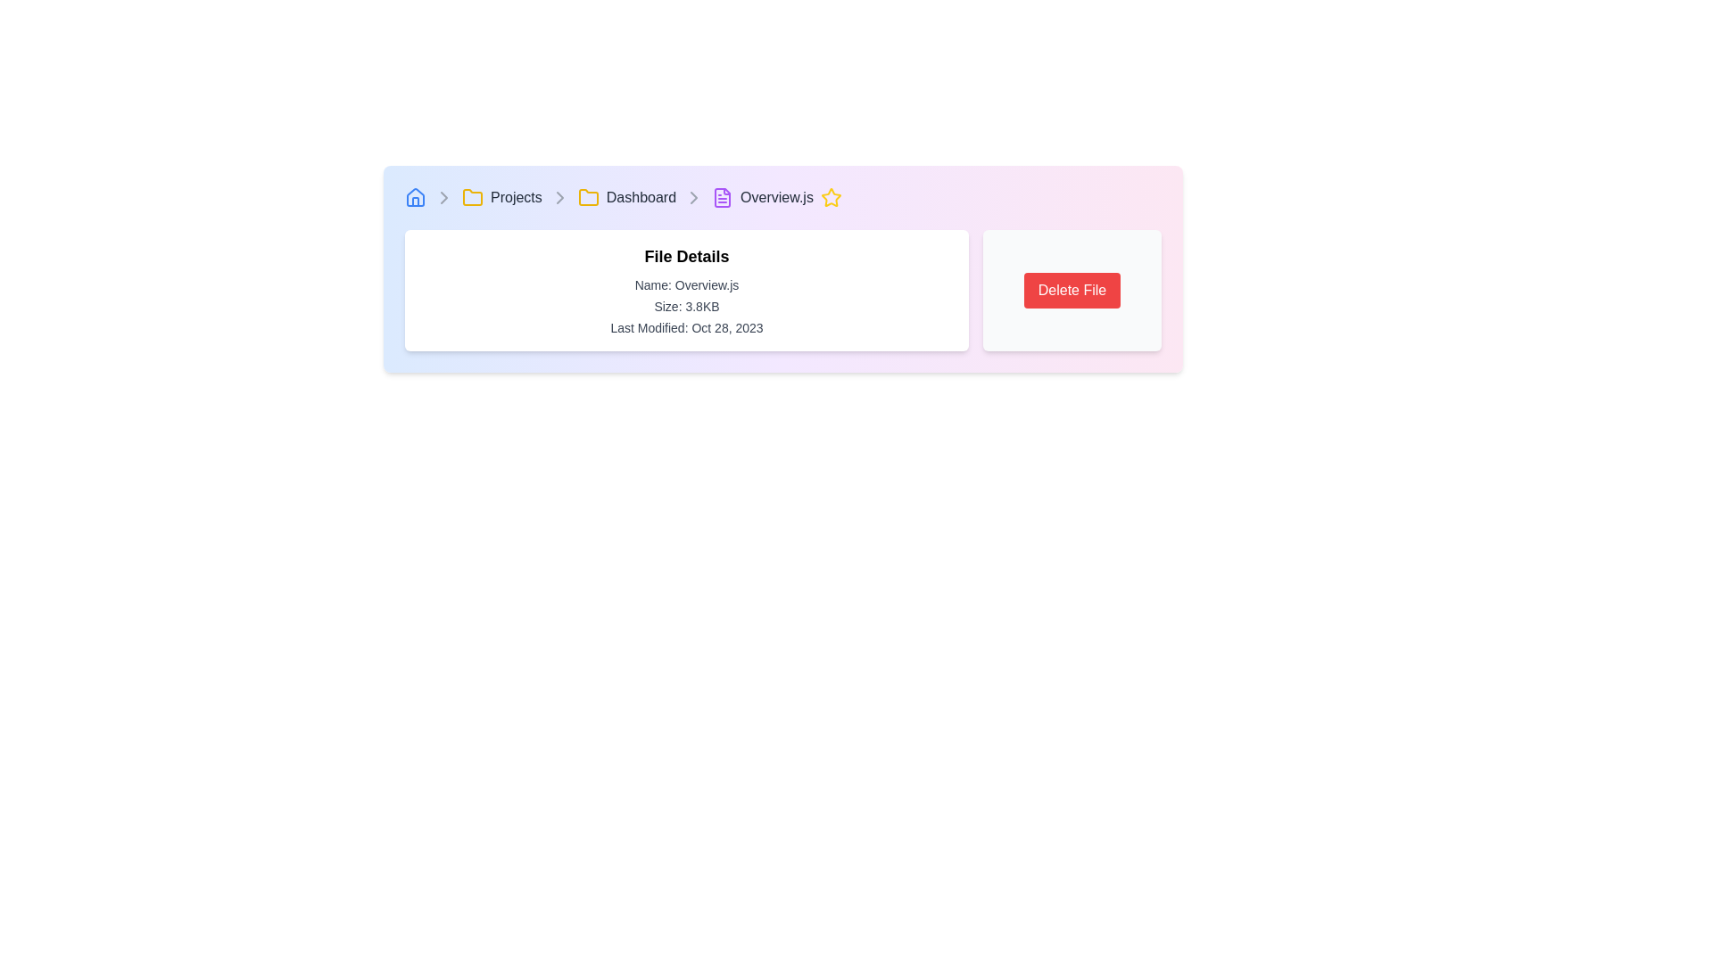 Image resolution: width=1713 pixels, height=963 pixels. Describe the element at coordinates (723, 198) in the screenshot. I see `the breadcrumb icon representing the file 'Overview.js' in the navigation bar to identify the current location within the file system` at that location.